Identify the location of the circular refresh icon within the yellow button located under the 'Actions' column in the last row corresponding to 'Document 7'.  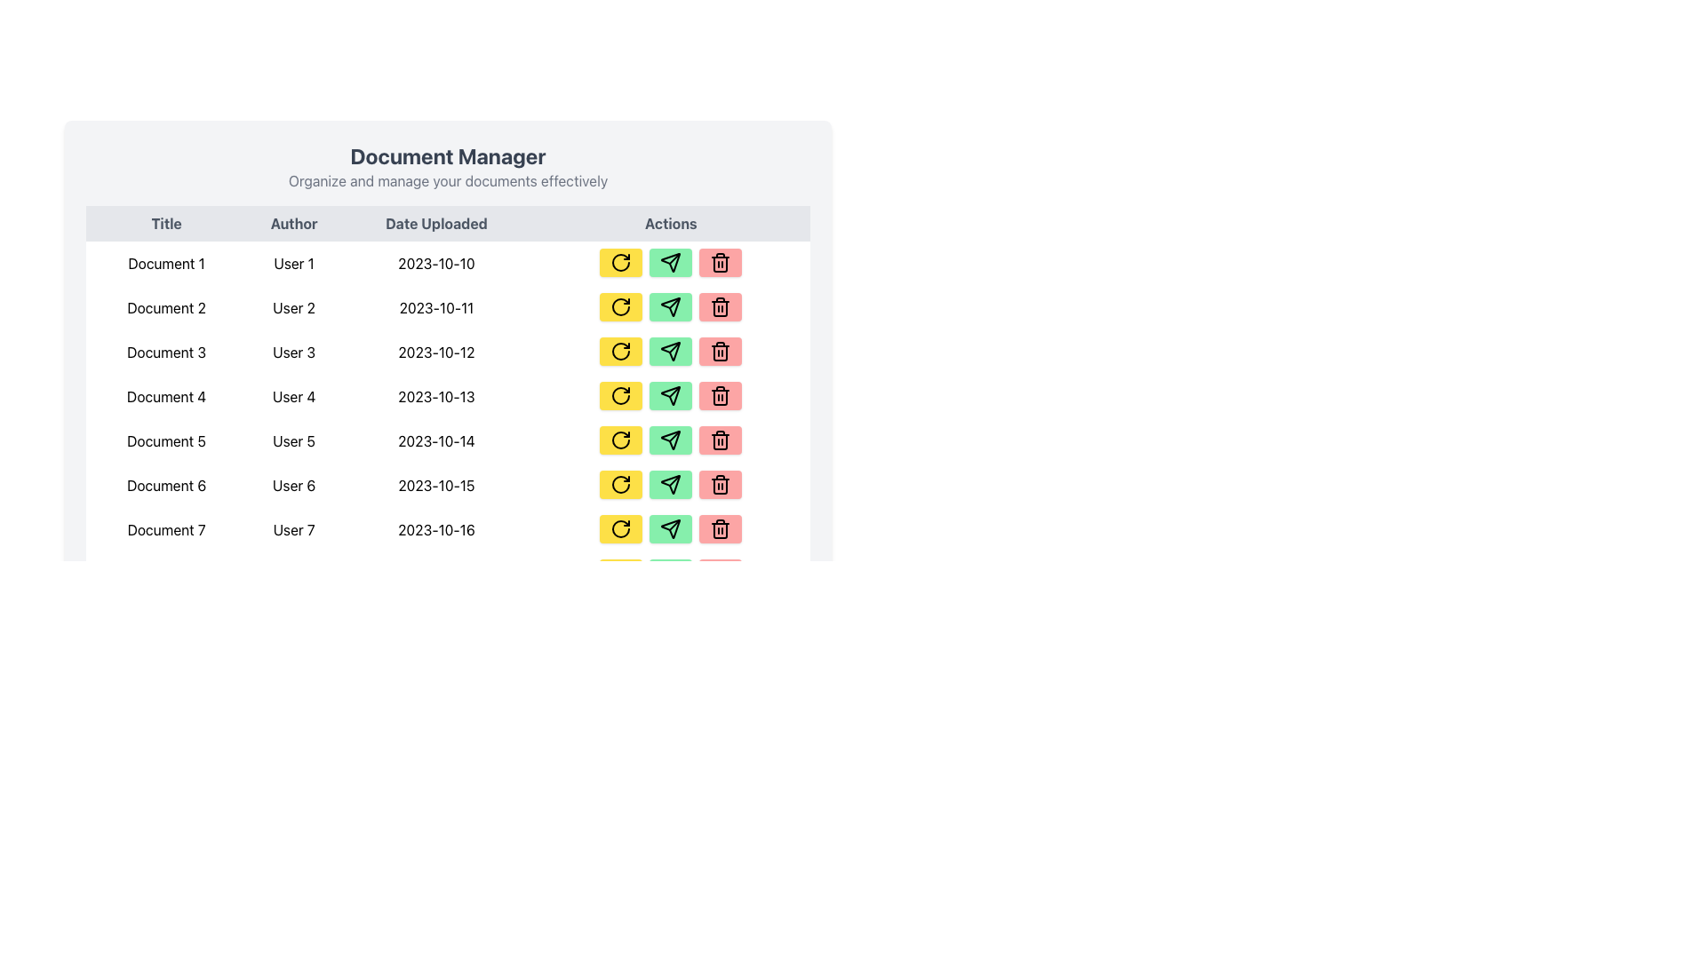
(621, 528).